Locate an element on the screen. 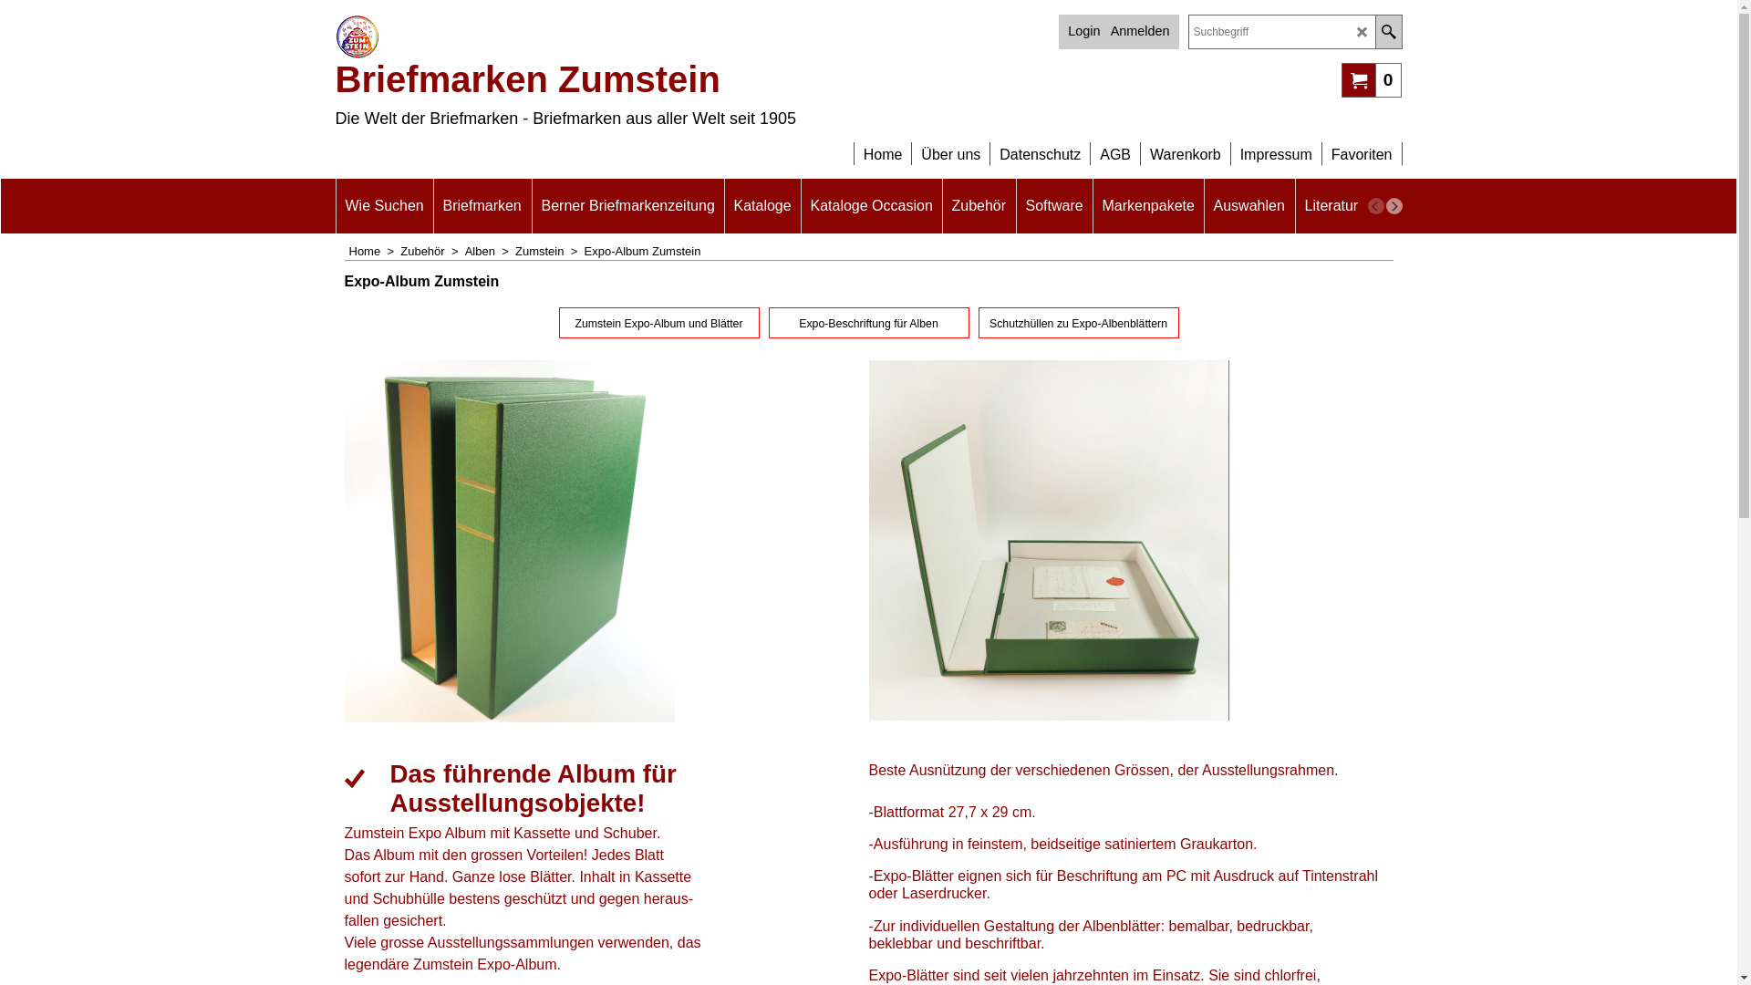 Image resolution: width=1751 pixels, height=985 pixels. 'Datenschutz' is located at coordinates (1040, 145).